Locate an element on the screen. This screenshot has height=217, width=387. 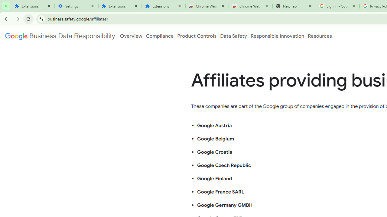
'Sign in - Google Accounts' is located at coordinates (337, 6).